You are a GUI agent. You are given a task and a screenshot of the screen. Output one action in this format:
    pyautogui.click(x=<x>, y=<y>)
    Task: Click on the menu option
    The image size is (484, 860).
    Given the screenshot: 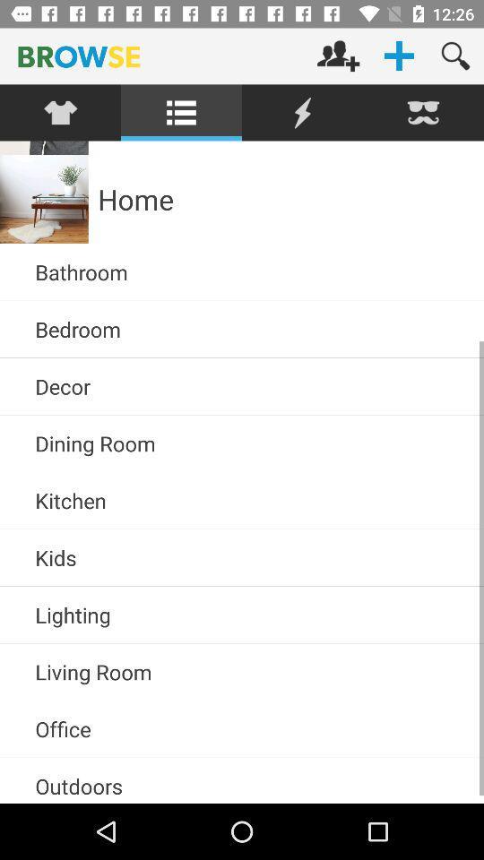 What is the action you would take?
    pyautogui.click(x=181, y=112)
    